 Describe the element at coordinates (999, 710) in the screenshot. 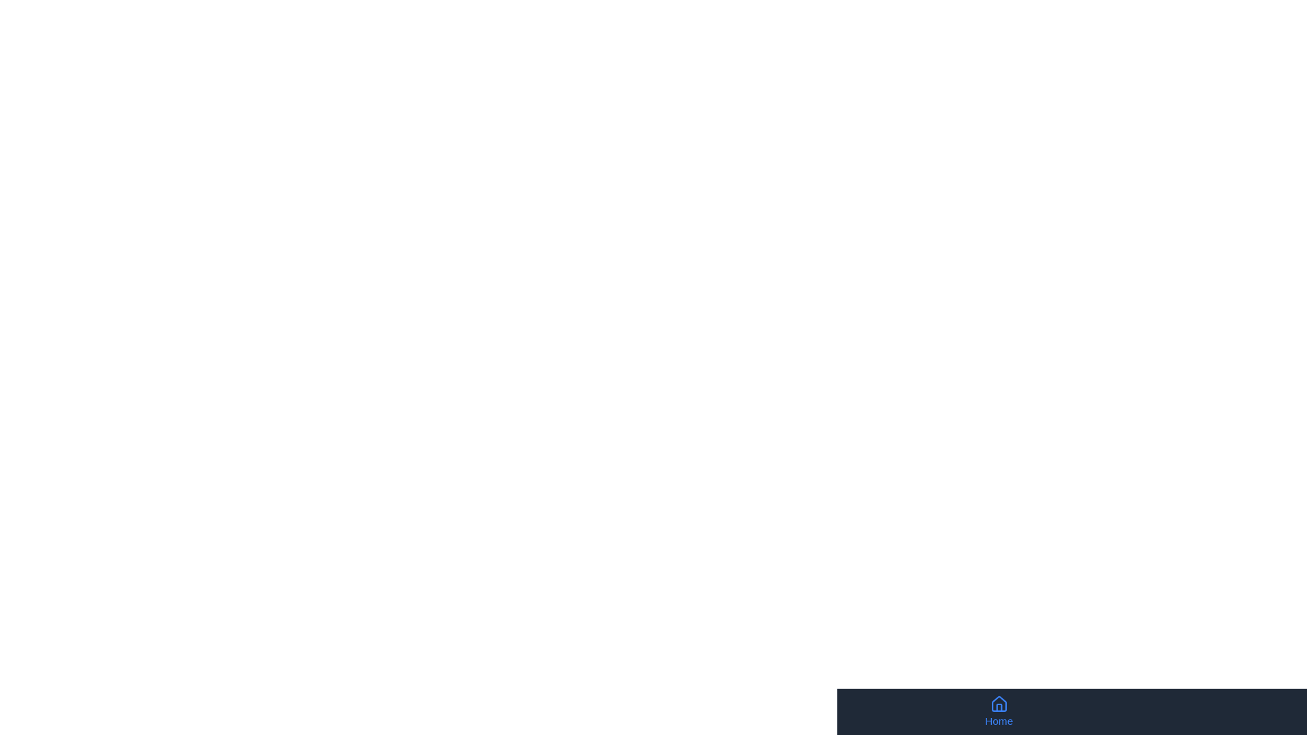

I see `the Home button in the navigation bar` at that location.